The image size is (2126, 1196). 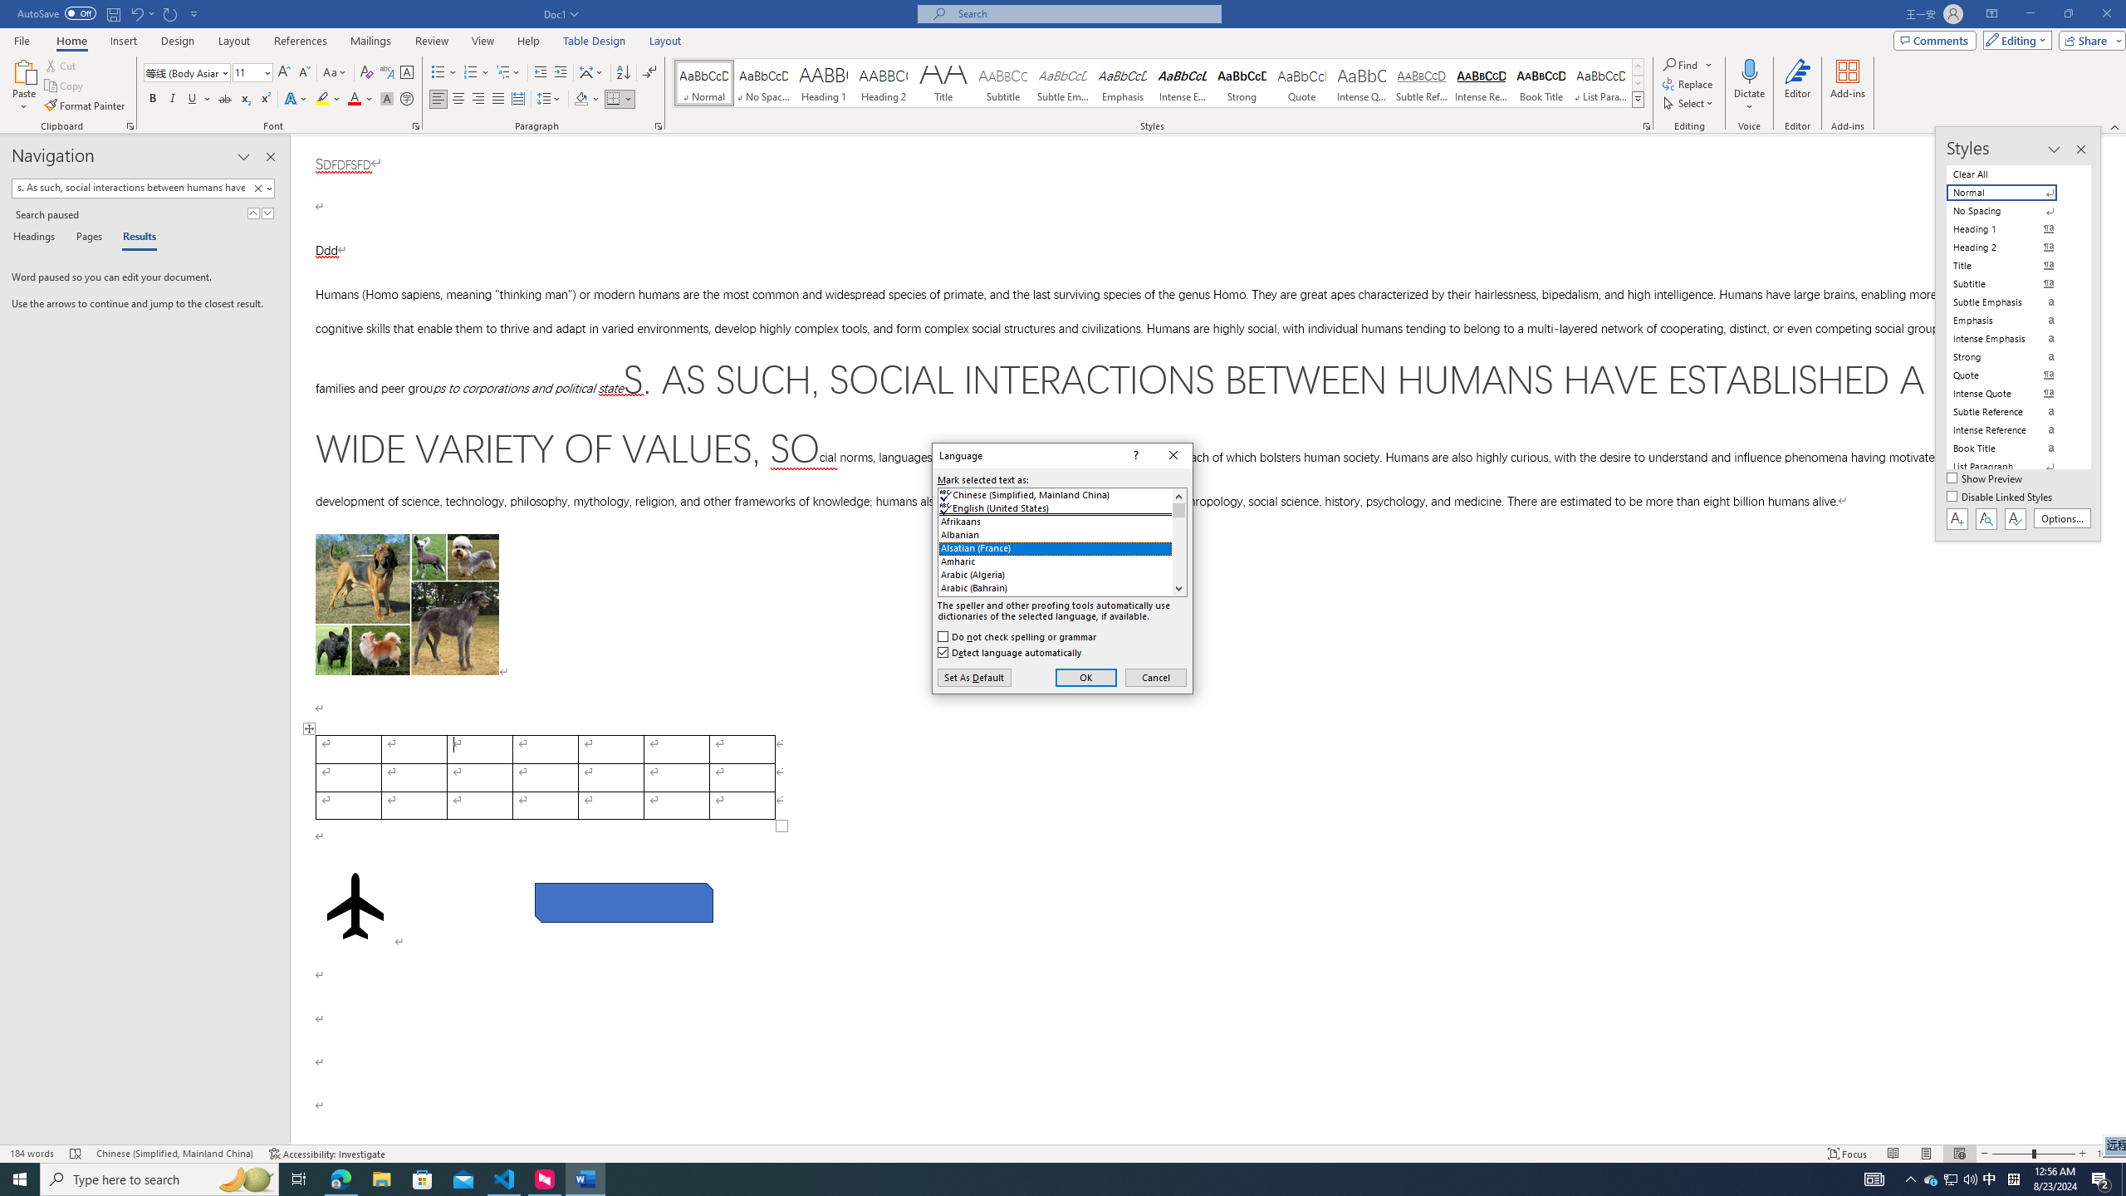 What do you see at coordinates (2062, 518) in the screenshot?
I see `'Options...'` at bounding box center [2062, 518].